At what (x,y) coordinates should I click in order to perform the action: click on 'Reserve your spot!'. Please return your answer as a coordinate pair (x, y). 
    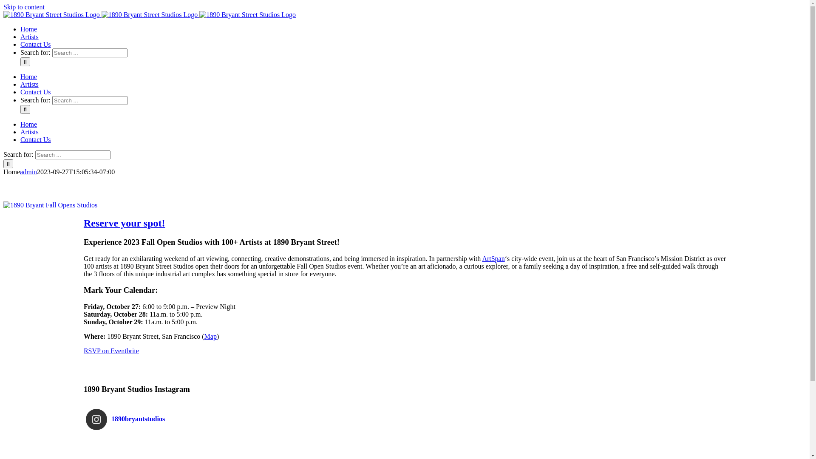
    Looking at the image, I should click on (124, 222).